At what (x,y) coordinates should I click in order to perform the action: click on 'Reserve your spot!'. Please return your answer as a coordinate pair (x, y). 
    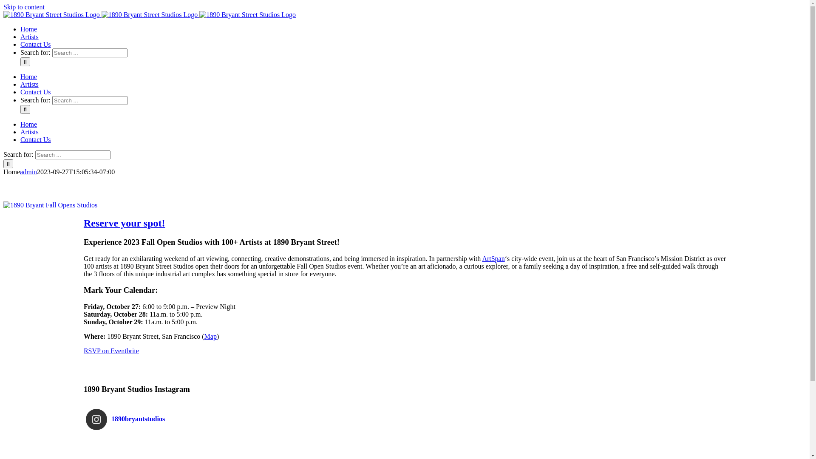
    Looking at the image, I should click on (124, 222).